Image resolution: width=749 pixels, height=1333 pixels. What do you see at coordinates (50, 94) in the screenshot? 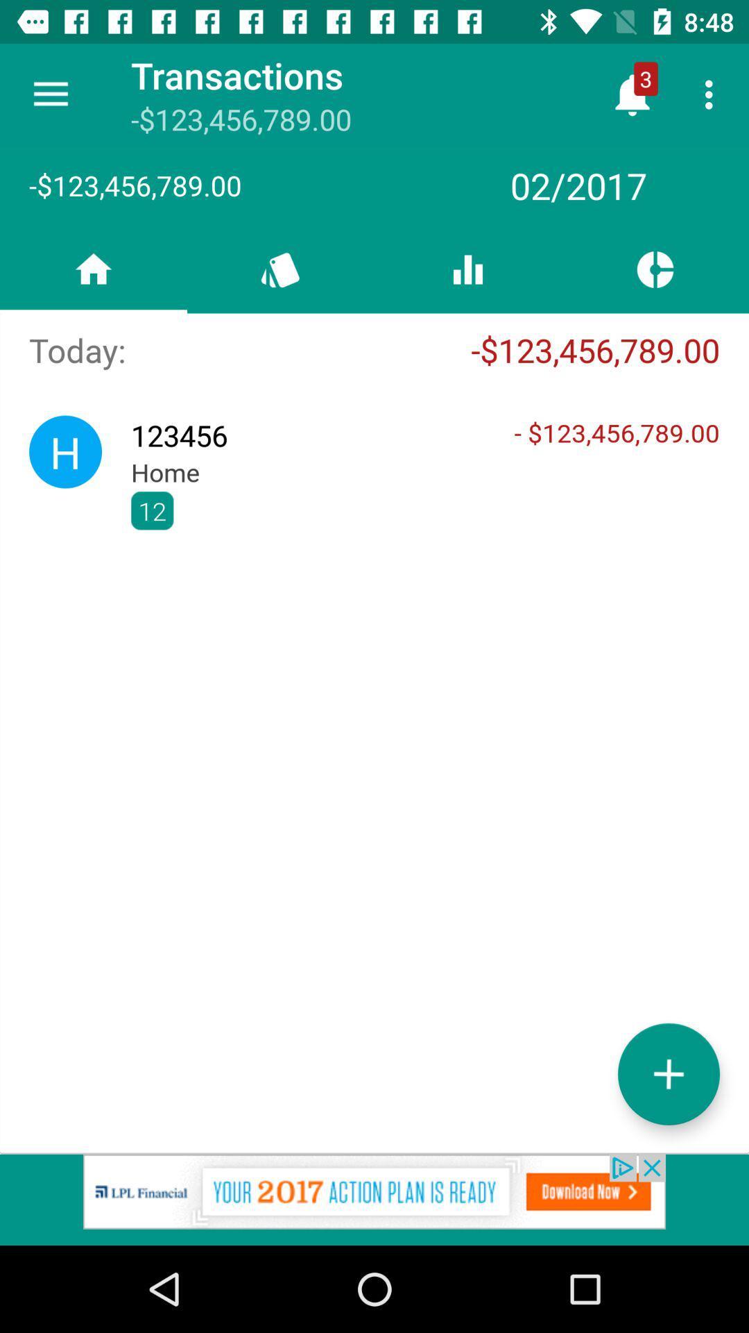
I see `the icon next to the transactions item` at bounding box center [50, 94].